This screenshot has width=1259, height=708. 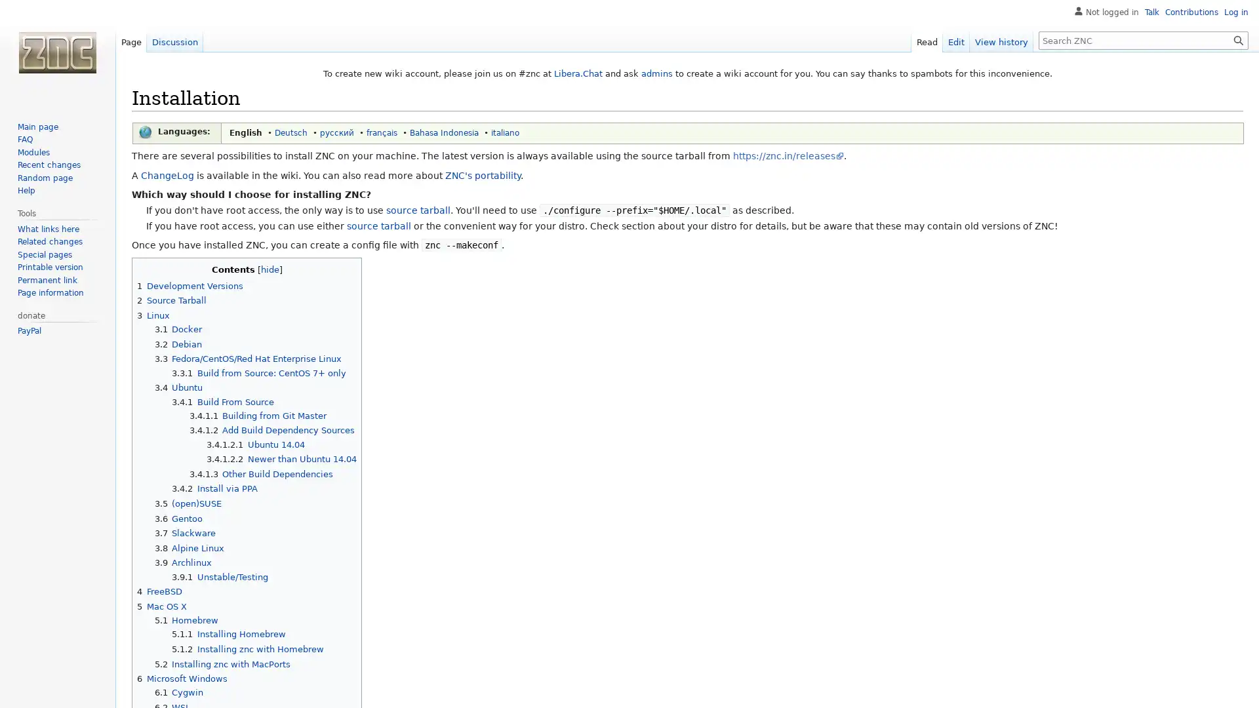 I want to click on Go, so click(x=1238, y=39).